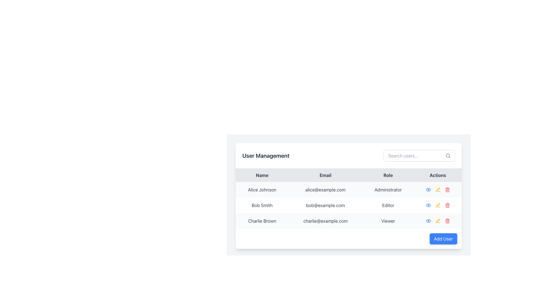 The width and height of the screenshot is (536, 301). Describe the element at coordinates (388, 190) in the screenshot. I see `the static text element displaying the user role 'Administrator' in the user management table, located in the 'Role' column of the first row` at that location.